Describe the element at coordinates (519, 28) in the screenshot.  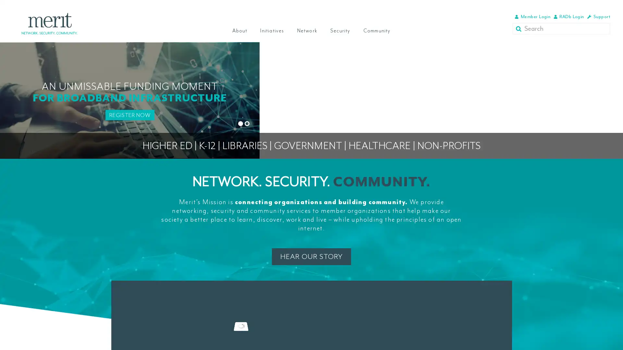
I see `SUBMIT` at that location.